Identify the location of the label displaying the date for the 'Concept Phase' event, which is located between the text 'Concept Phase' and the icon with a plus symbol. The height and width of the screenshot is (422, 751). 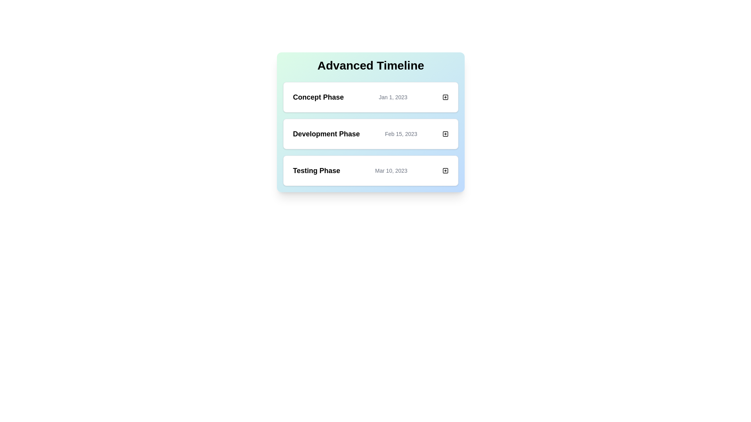
(393, 97).